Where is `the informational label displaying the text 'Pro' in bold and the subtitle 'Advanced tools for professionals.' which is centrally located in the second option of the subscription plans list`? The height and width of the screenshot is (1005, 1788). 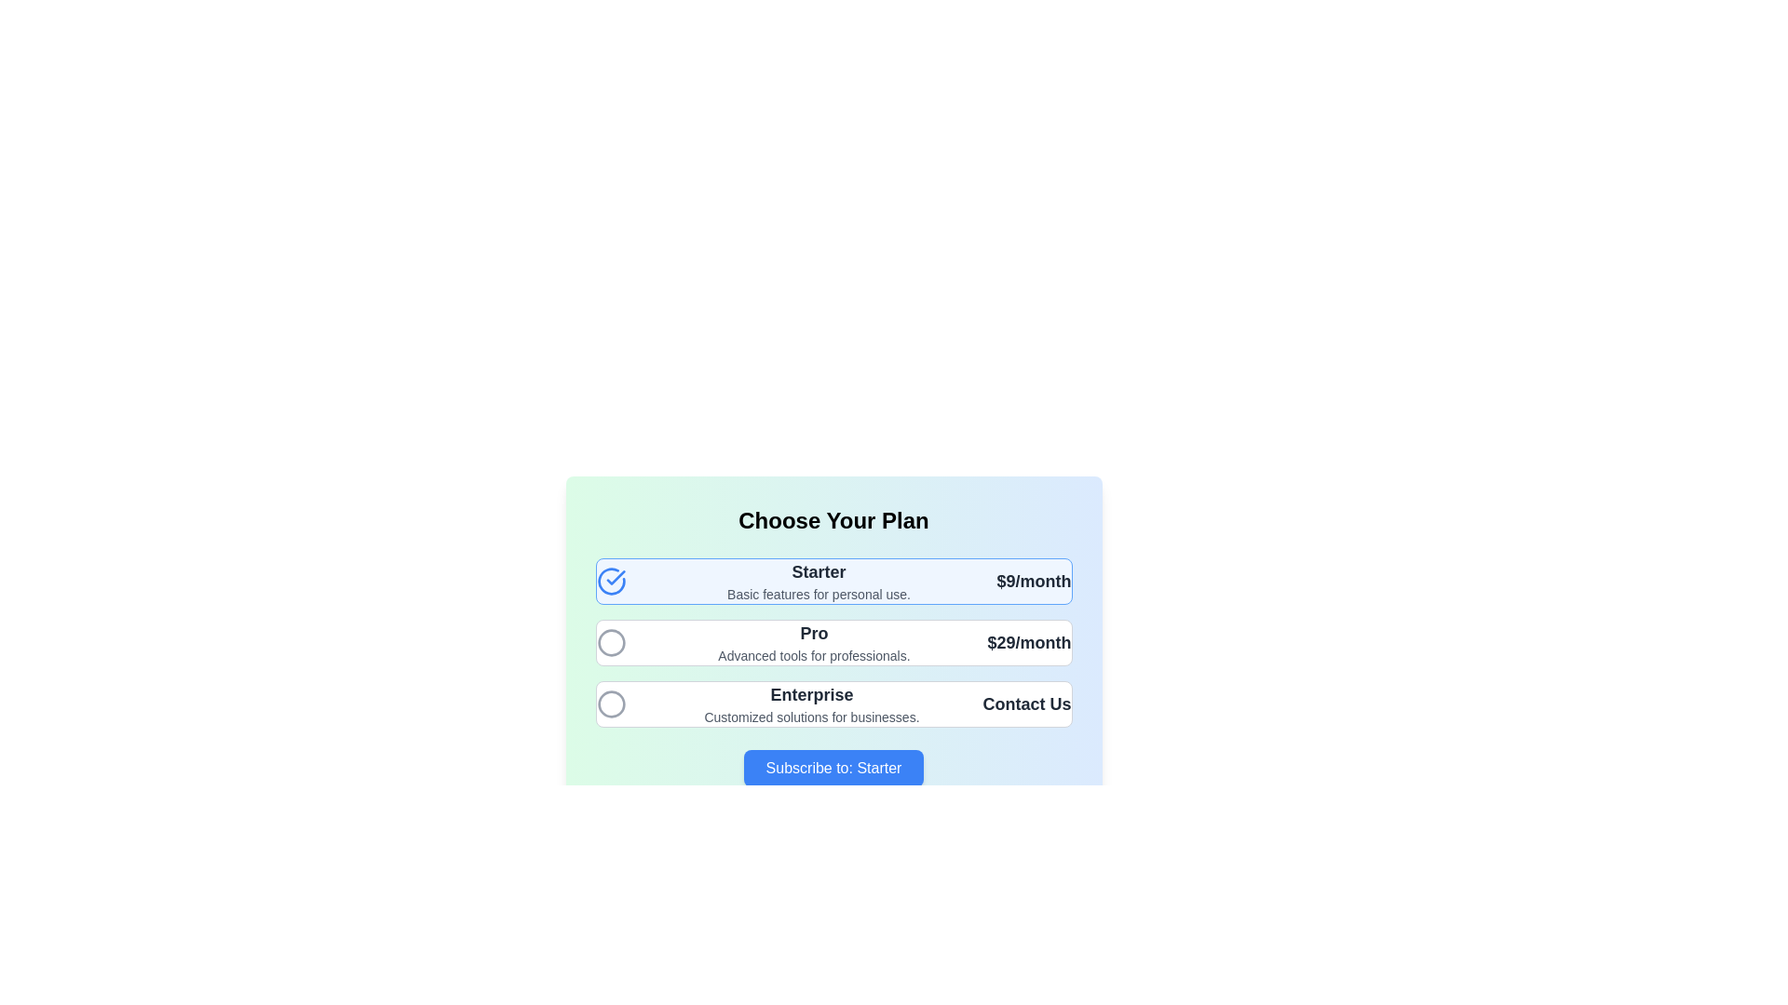
the informational label displaying the text 'Pro' in bold and the subtitle 'Advanced tools for professionals.' which is centrally located in the second option of the subscription plans list is located at coordinates (814, 641).